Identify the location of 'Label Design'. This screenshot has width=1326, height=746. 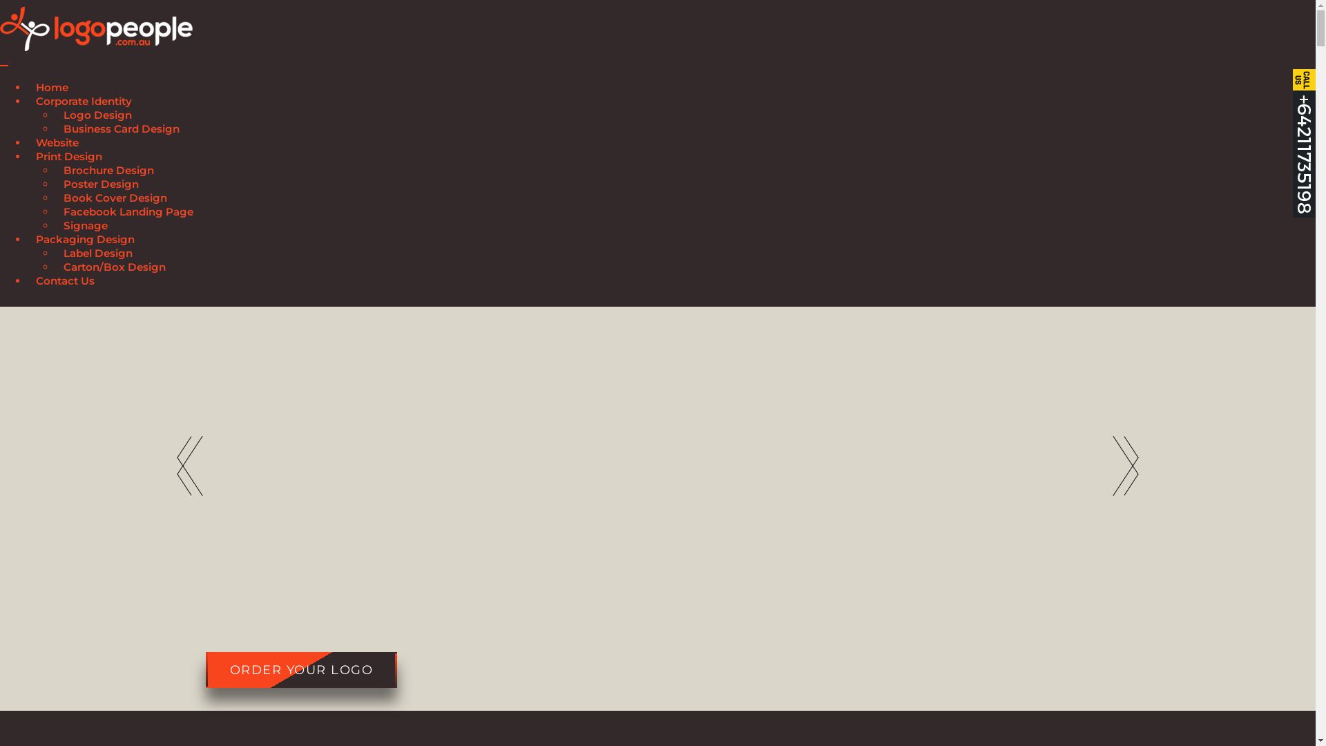
(97, 255).